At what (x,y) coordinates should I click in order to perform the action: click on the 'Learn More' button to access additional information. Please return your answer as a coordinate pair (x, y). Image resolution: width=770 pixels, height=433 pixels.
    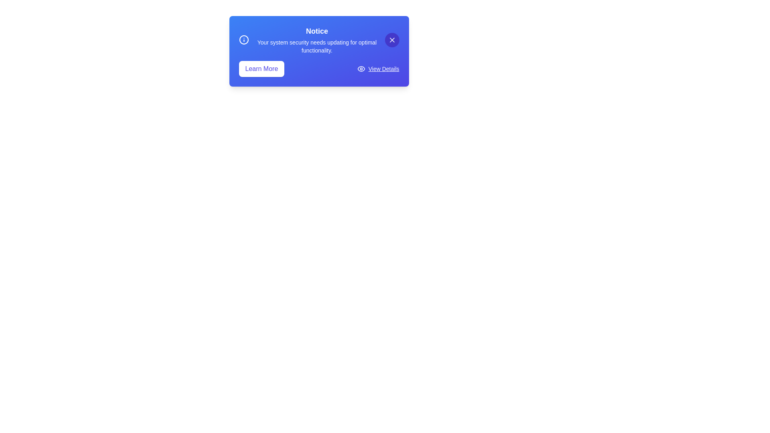
    Looking at the image, I should click on (261, 69).